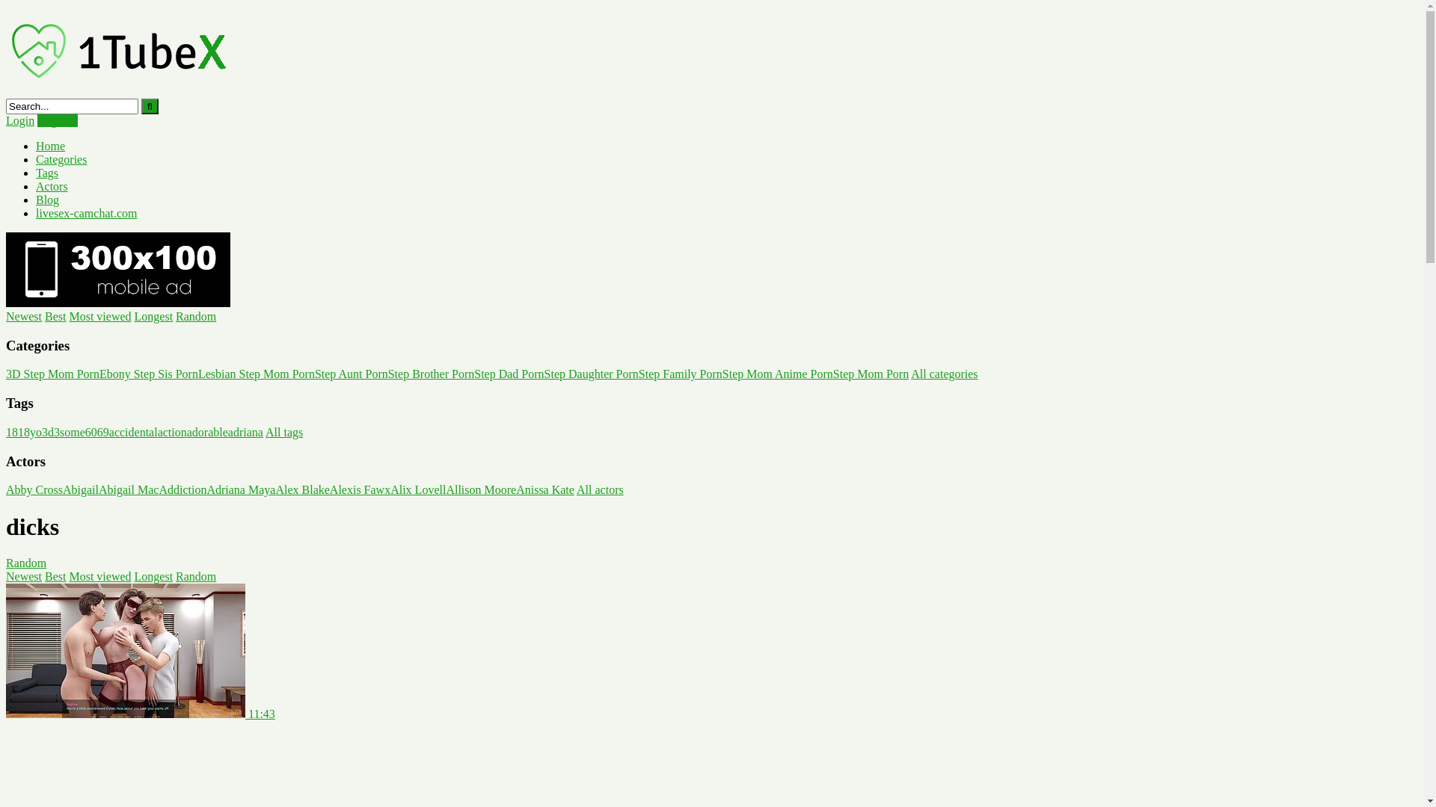 The width and height of the screenshot is (1436, 807). I want to click on 'Random', so click(25, 563).